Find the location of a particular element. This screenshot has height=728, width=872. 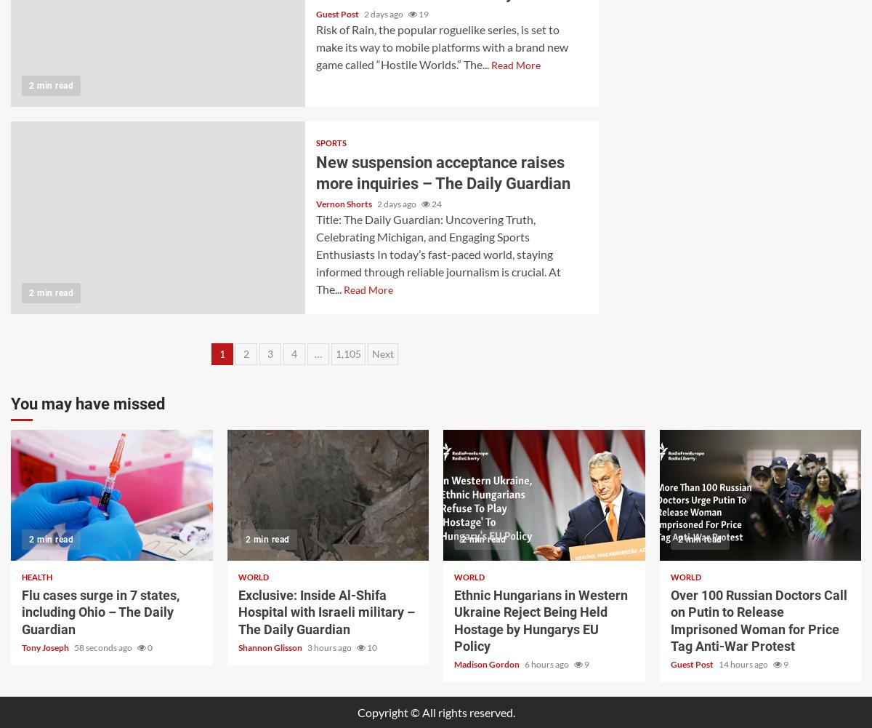

'Shannon Glisson' is located at coordinates (270, 647).